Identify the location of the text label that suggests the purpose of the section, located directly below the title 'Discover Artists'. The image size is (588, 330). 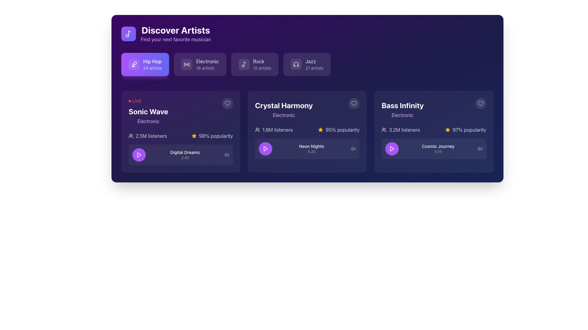
(175, 39).